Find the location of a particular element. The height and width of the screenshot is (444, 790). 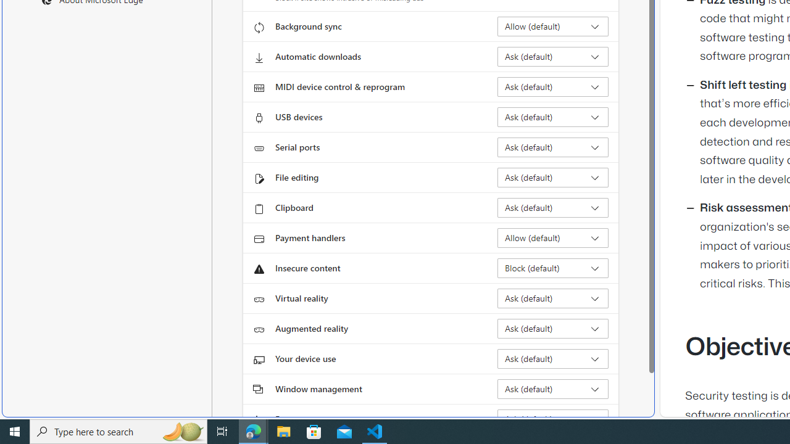

'Your device use Ask (default)' is located at coordinates (552, 359).